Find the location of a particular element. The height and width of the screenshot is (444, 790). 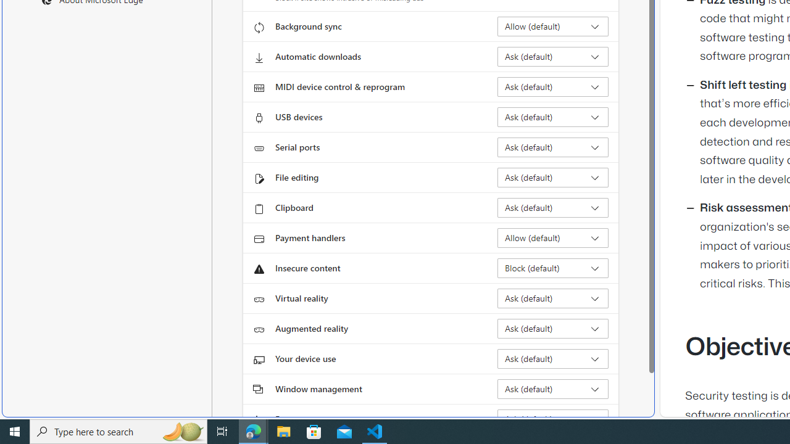

'Your device use Ask (default)' is located at coordinates (552, 359).